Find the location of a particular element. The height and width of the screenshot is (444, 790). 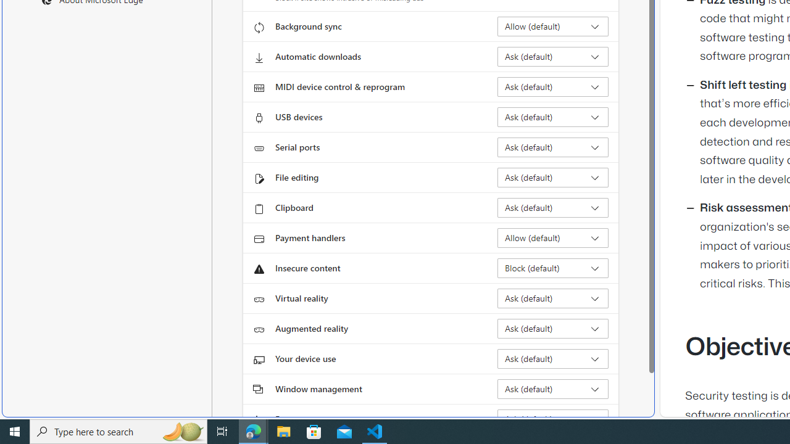

'Your device use Ask (default)' is located at coordinates (552, 359).